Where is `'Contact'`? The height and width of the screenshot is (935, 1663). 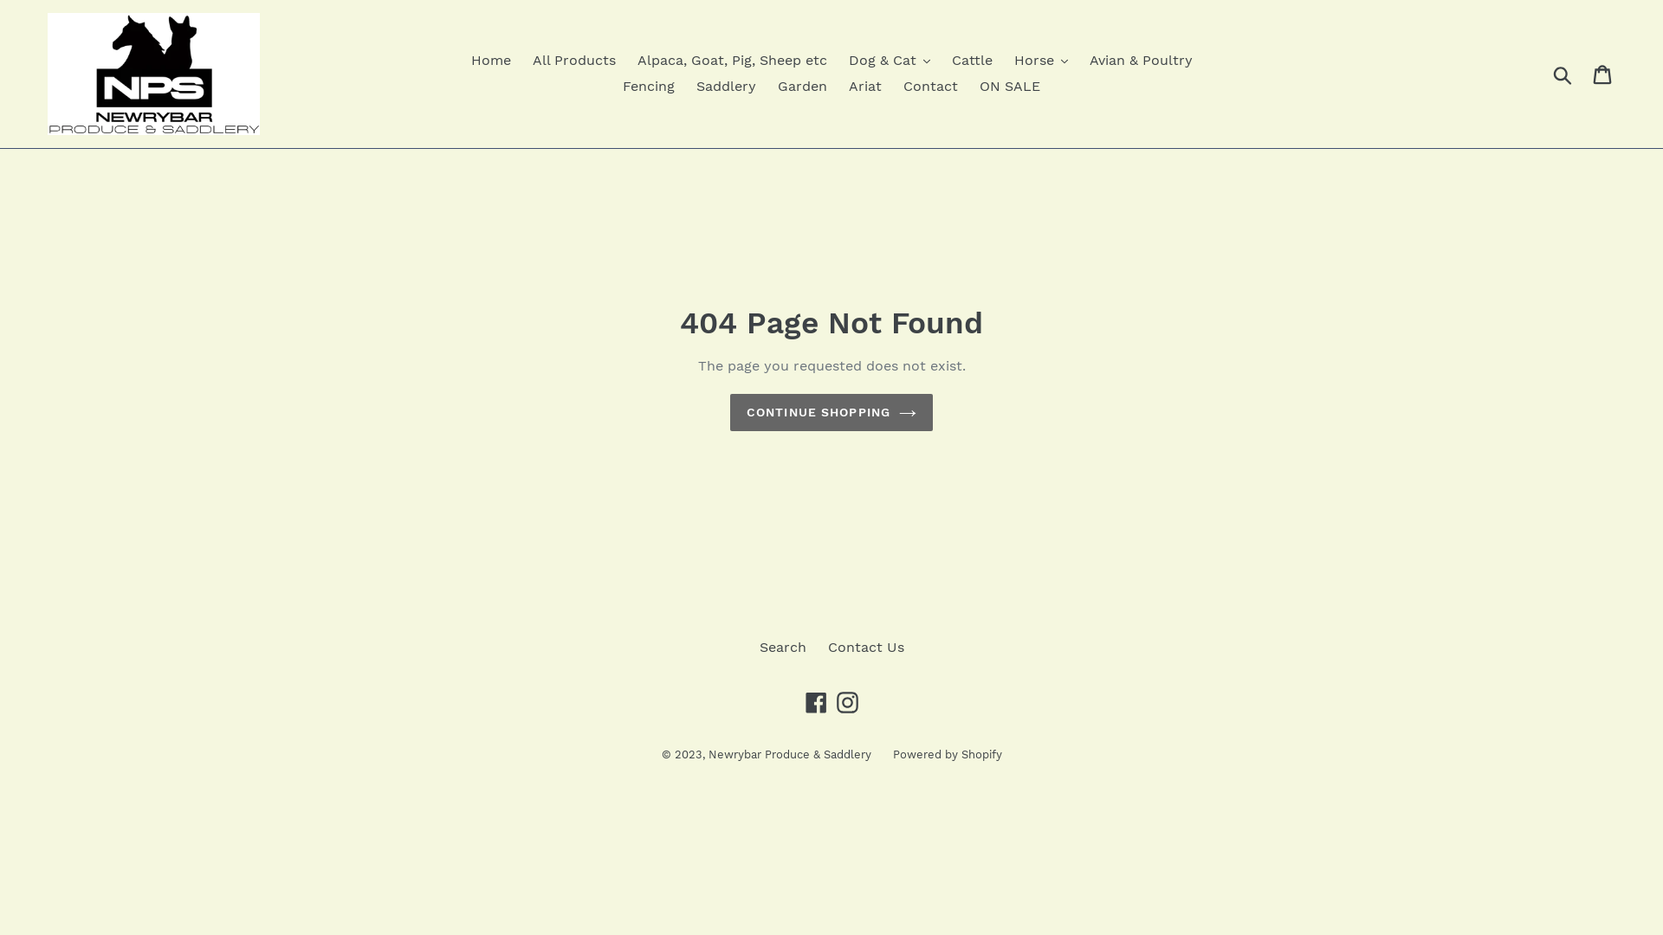
'Contact' is located at coordinates (929, 87).